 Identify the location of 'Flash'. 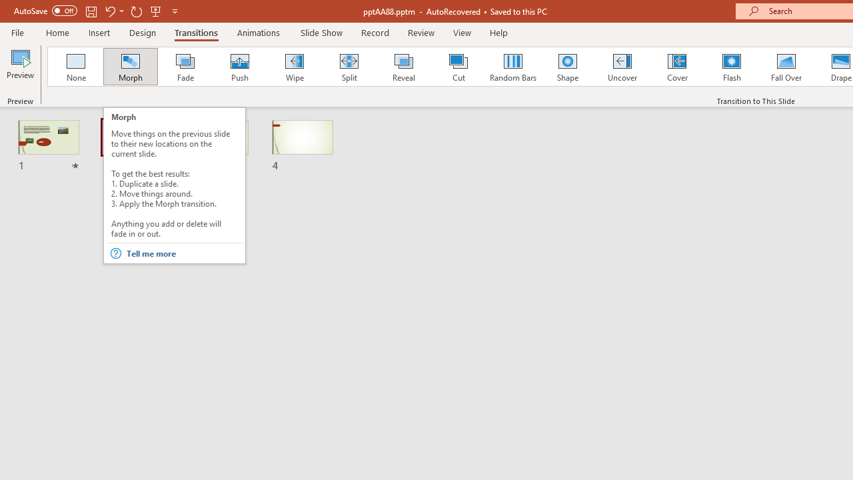
(731, 67).